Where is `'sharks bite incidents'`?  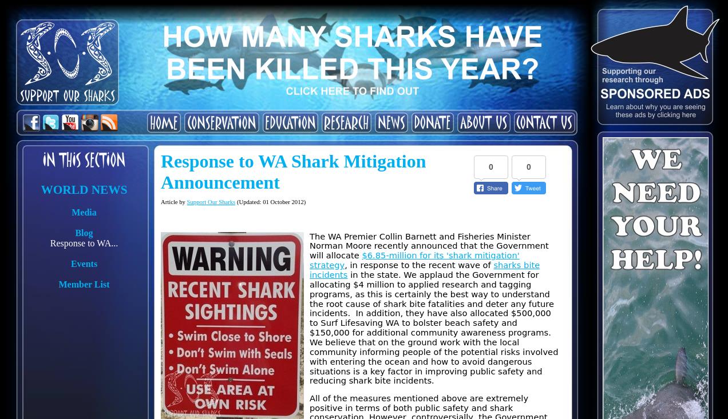 'sharks bite incidents' is located at coordinates (424, 269).